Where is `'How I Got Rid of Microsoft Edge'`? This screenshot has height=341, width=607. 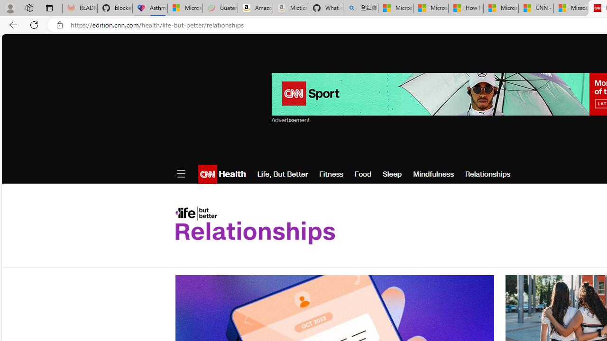
'How I Got Rid of Microsoft Edge' is located at coordinates (466, 8).